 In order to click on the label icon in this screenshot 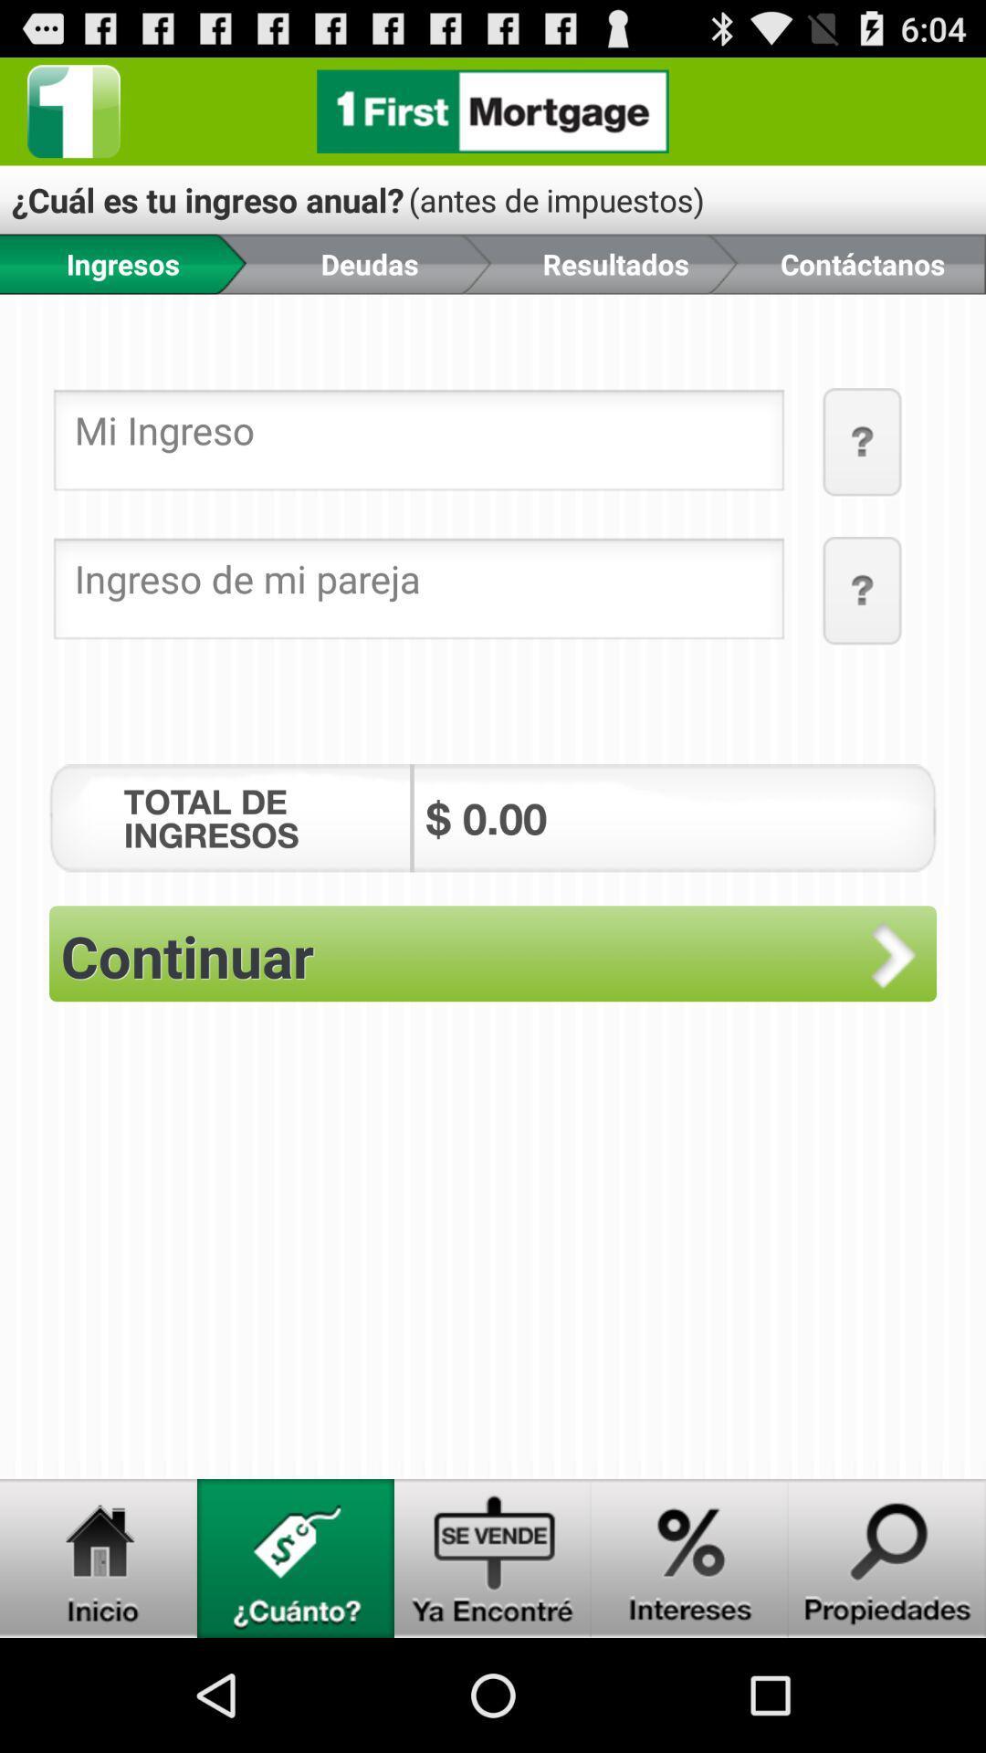, I will do `click(295, 1667)`.